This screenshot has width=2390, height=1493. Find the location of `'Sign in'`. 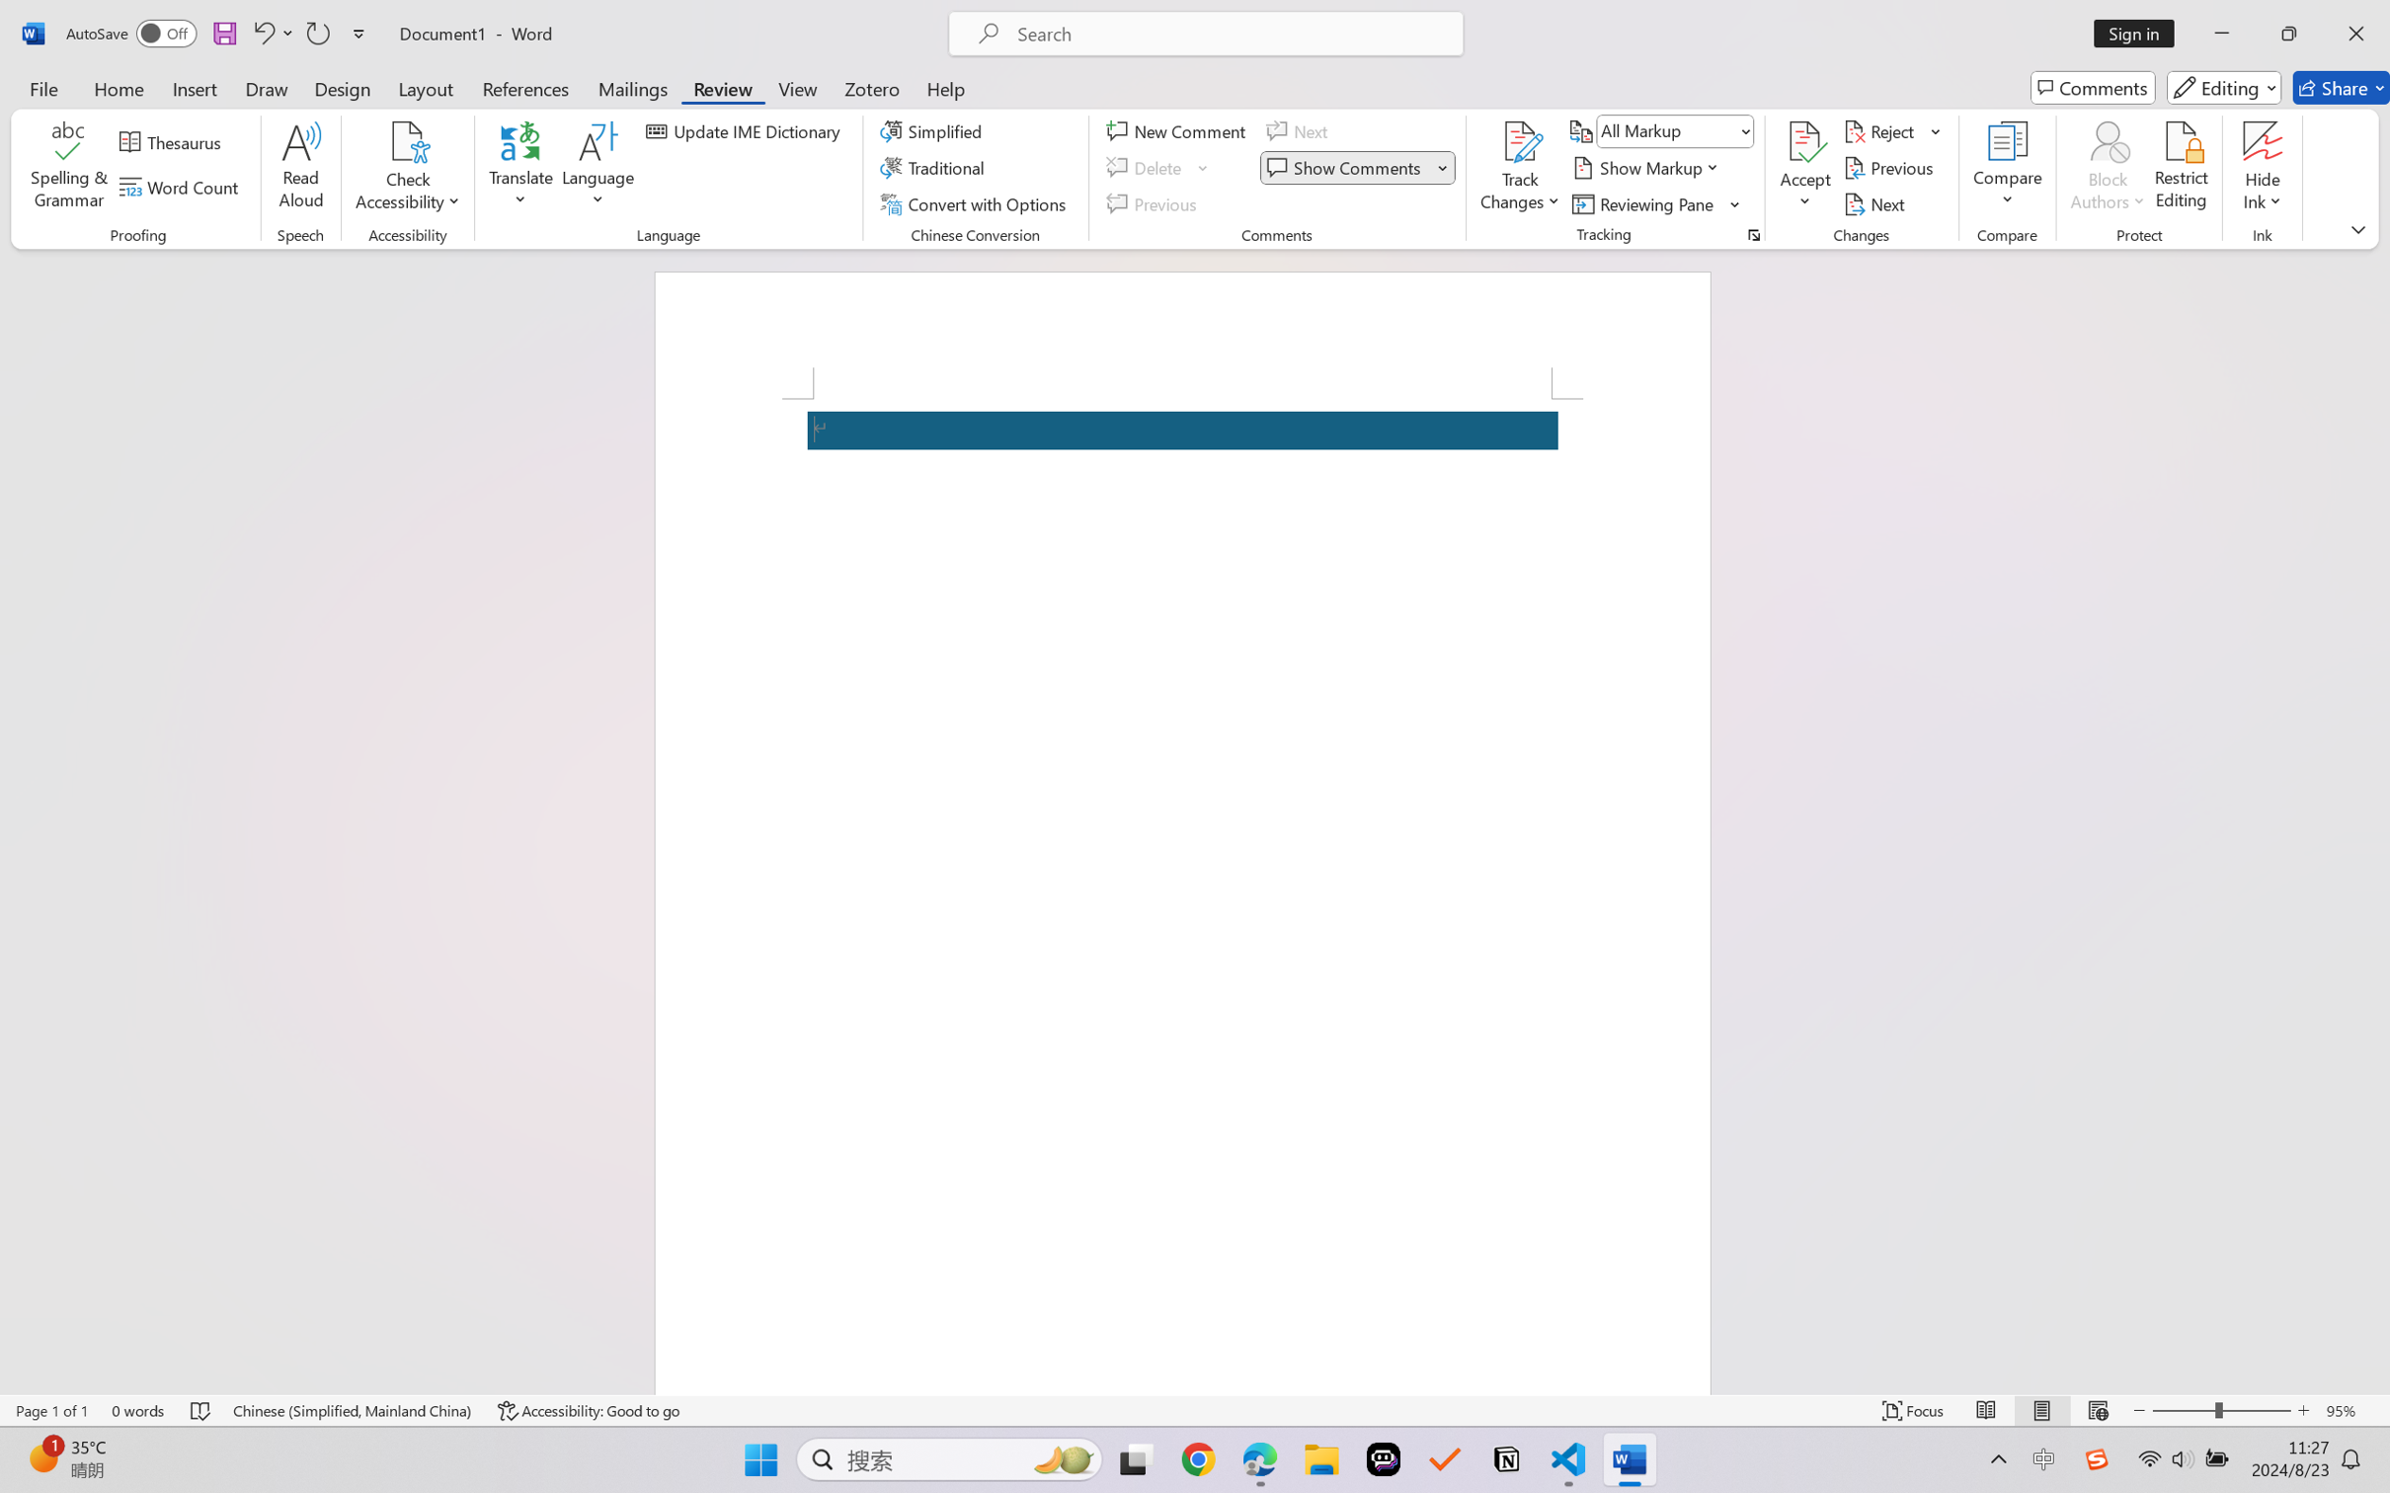

'Sign in' is located at coordinates (2141, 33).